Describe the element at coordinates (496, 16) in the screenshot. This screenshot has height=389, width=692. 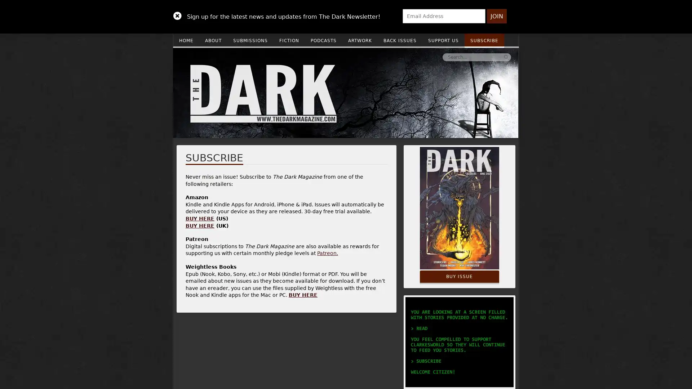
I see `Join` at that location.